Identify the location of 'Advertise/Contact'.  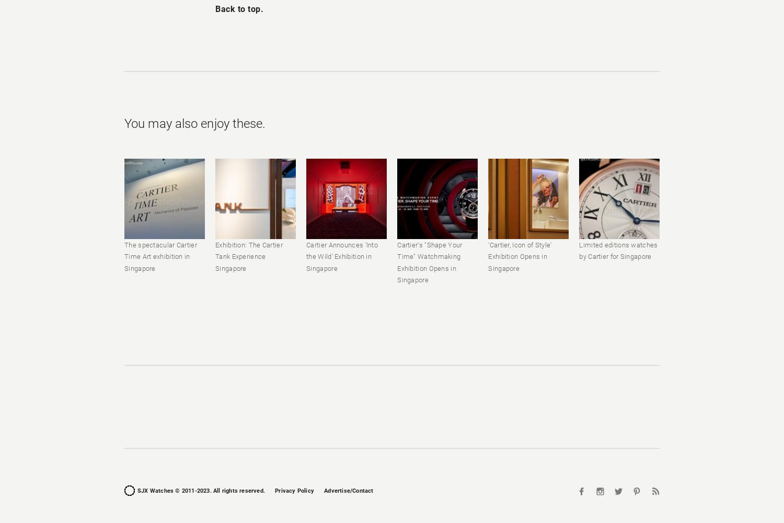
(349, 490).